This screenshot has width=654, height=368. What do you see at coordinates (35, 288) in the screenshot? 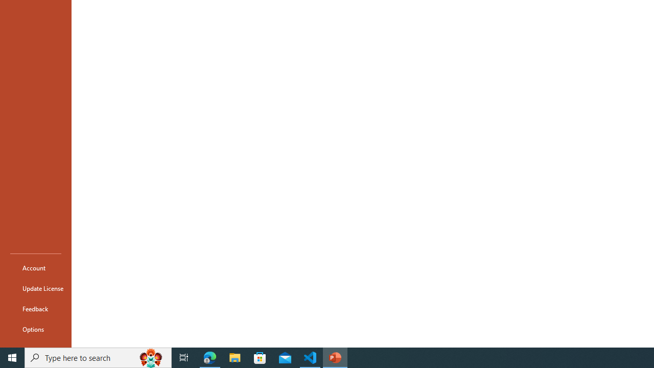
I see `'Update License'` at bounding box center [35, 288].